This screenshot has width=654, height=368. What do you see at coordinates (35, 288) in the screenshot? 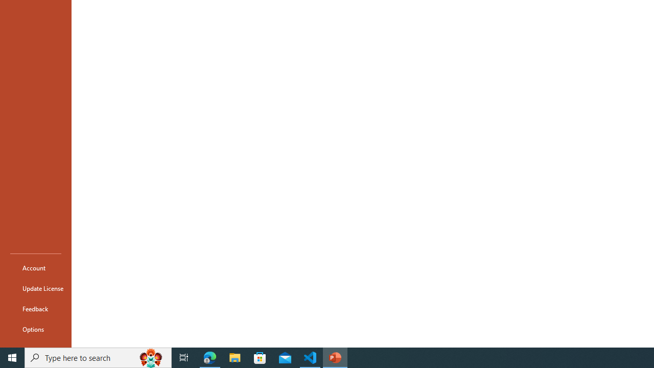
I see `'Update License'` at bounding box center [35, 288].